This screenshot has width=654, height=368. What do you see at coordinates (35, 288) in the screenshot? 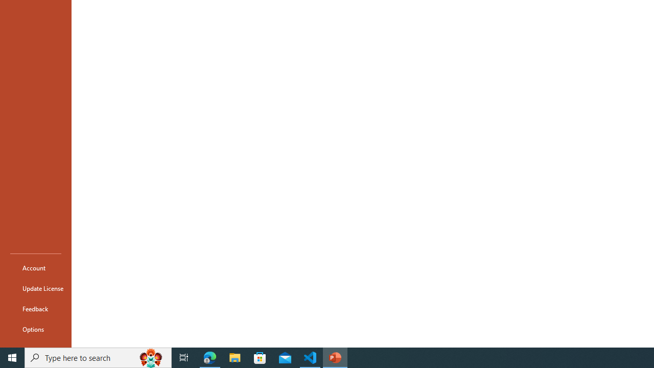
I see `'Update License'` at bounding box center [35, 288].